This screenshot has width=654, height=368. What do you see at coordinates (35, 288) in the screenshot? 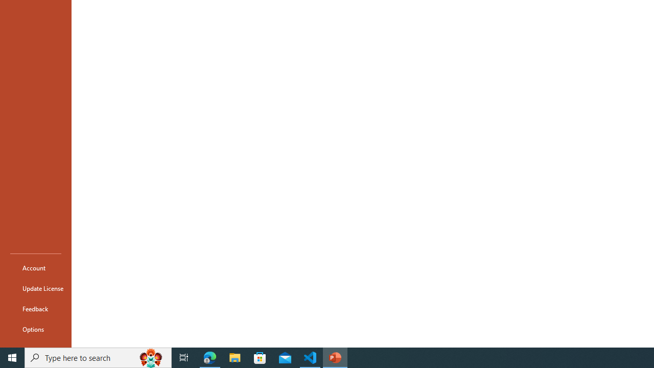
I see `'Update License'` at bounding box center [35, 288].